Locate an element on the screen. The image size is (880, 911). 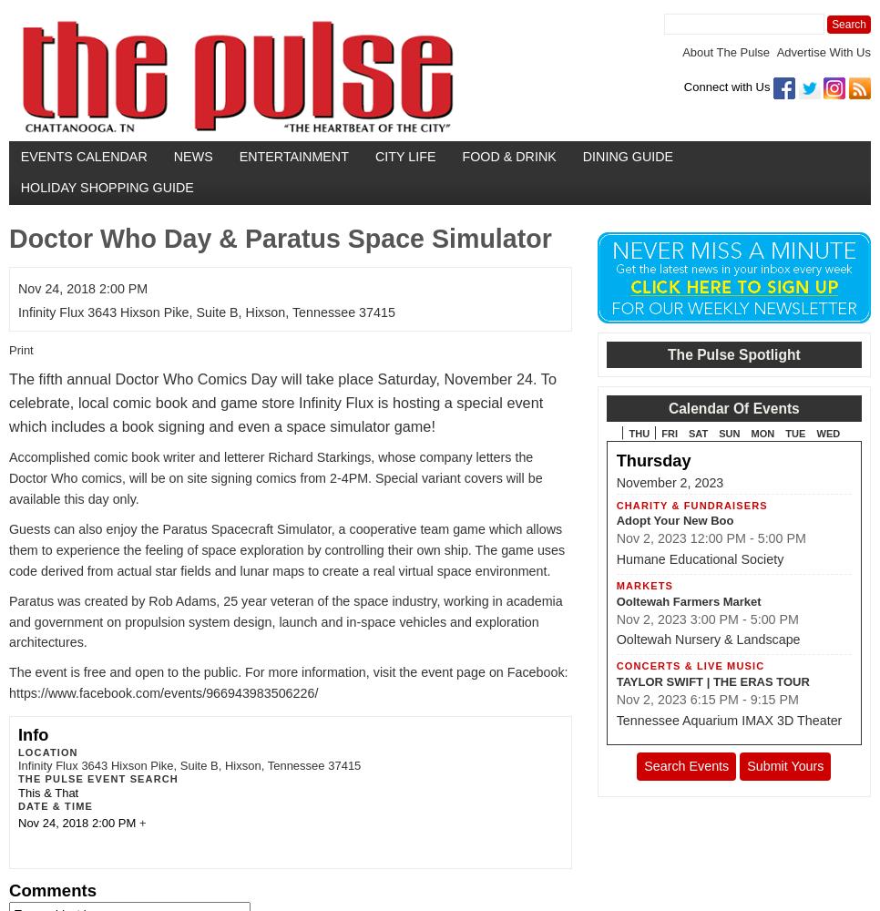
'Events Calendar' is located at coordinates (19, 156).